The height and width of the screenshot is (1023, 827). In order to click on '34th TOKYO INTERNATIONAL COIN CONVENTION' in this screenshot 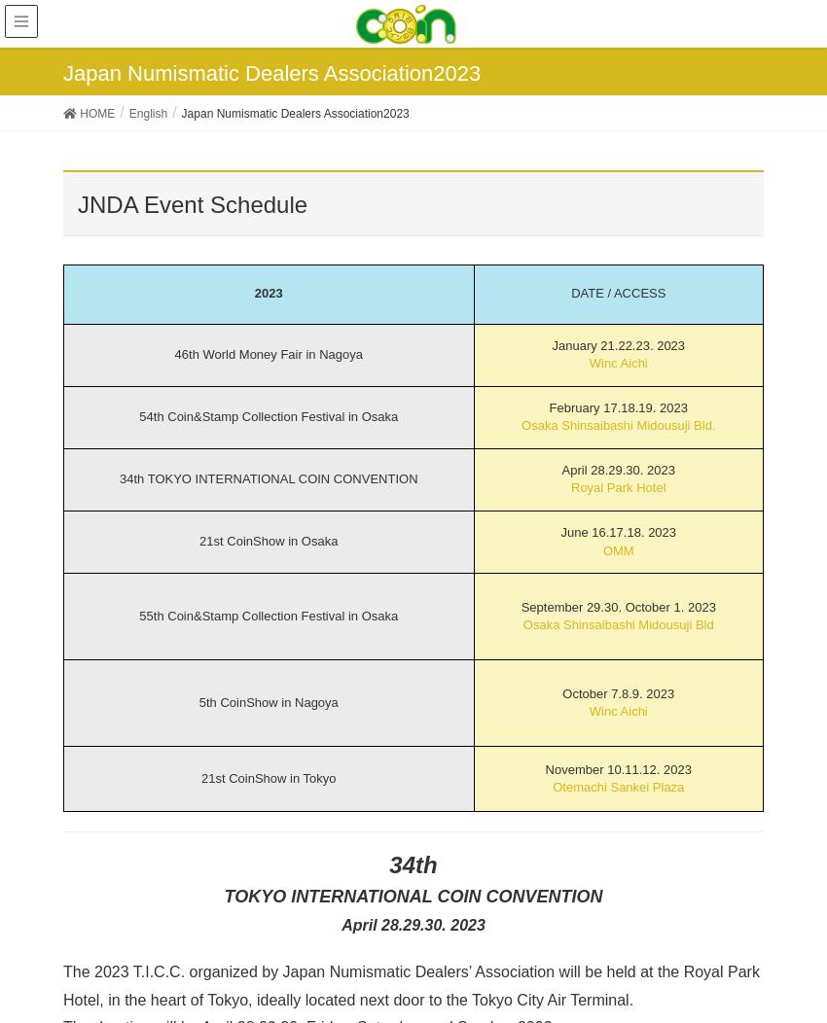, I will do `click(267, 477)`.